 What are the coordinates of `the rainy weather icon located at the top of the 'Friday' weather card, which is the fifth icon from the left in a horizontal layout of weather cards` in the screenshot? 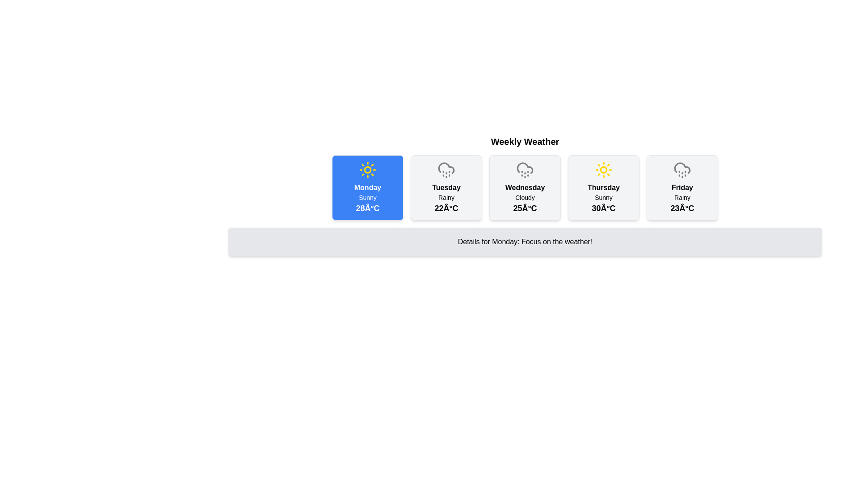 It's located at (681, 170).